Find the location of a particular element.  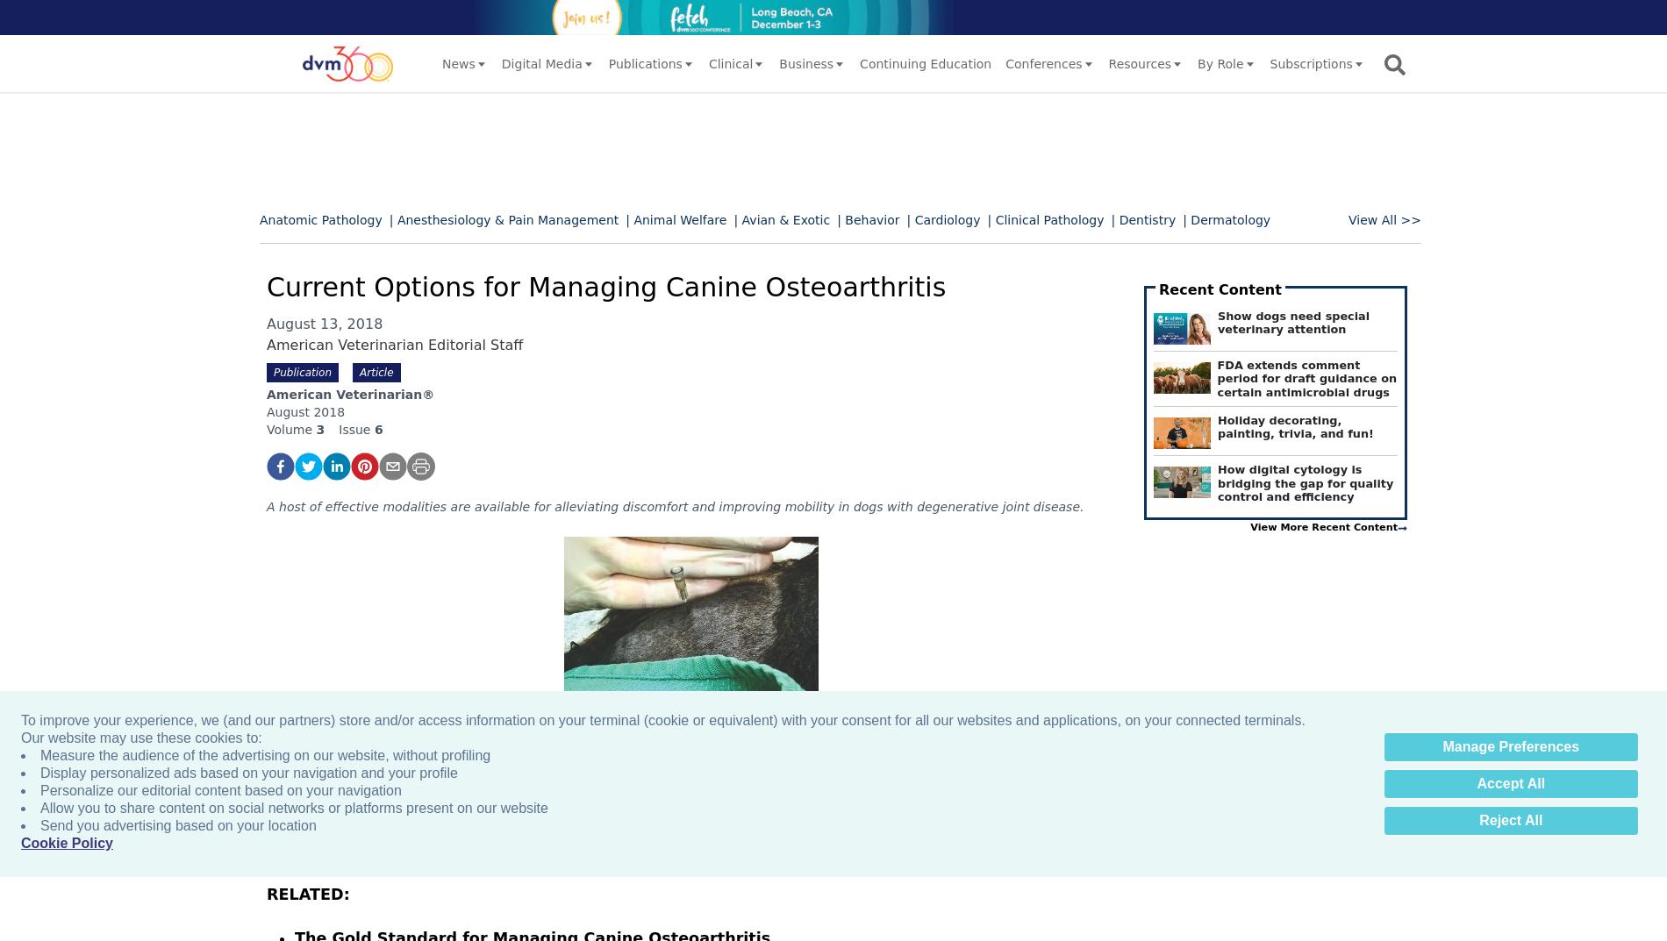

'August 2018' is located at coordinates (304, 411).